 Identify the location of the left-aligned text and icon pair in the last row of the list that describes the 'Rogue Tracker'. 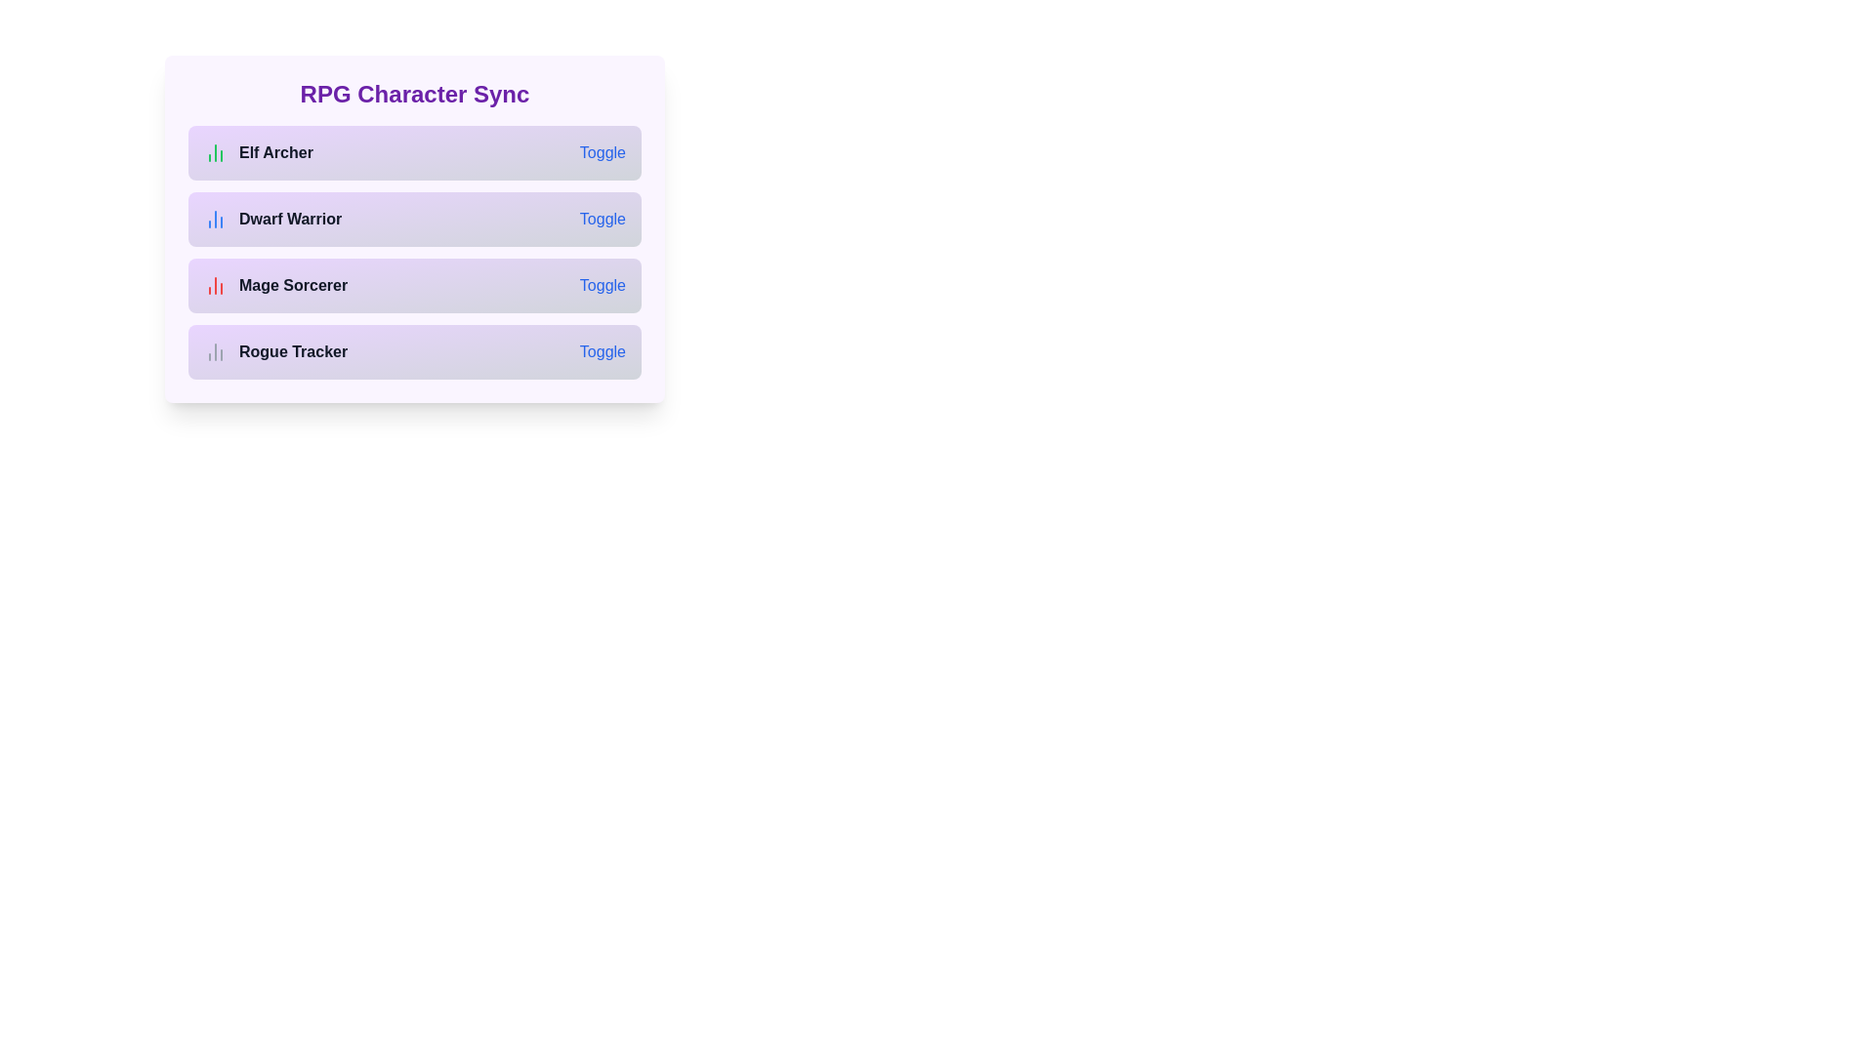
(274, 352).